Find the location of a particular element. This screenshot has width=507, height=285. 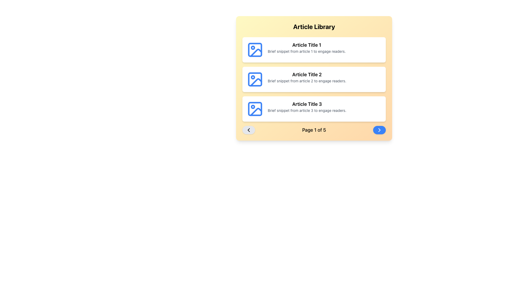

the Circle SVG element that serves as a visual marker within the image icon of 'Article Title 3', located in the third list entry of the yellow card interface is located at coordinates (253, 107).